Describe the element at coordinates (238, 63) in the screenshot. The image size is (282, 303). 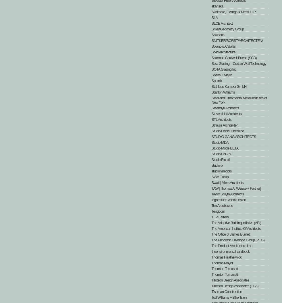
I see `'Sota Glazing – Curtain Wall Technology'` at that location.